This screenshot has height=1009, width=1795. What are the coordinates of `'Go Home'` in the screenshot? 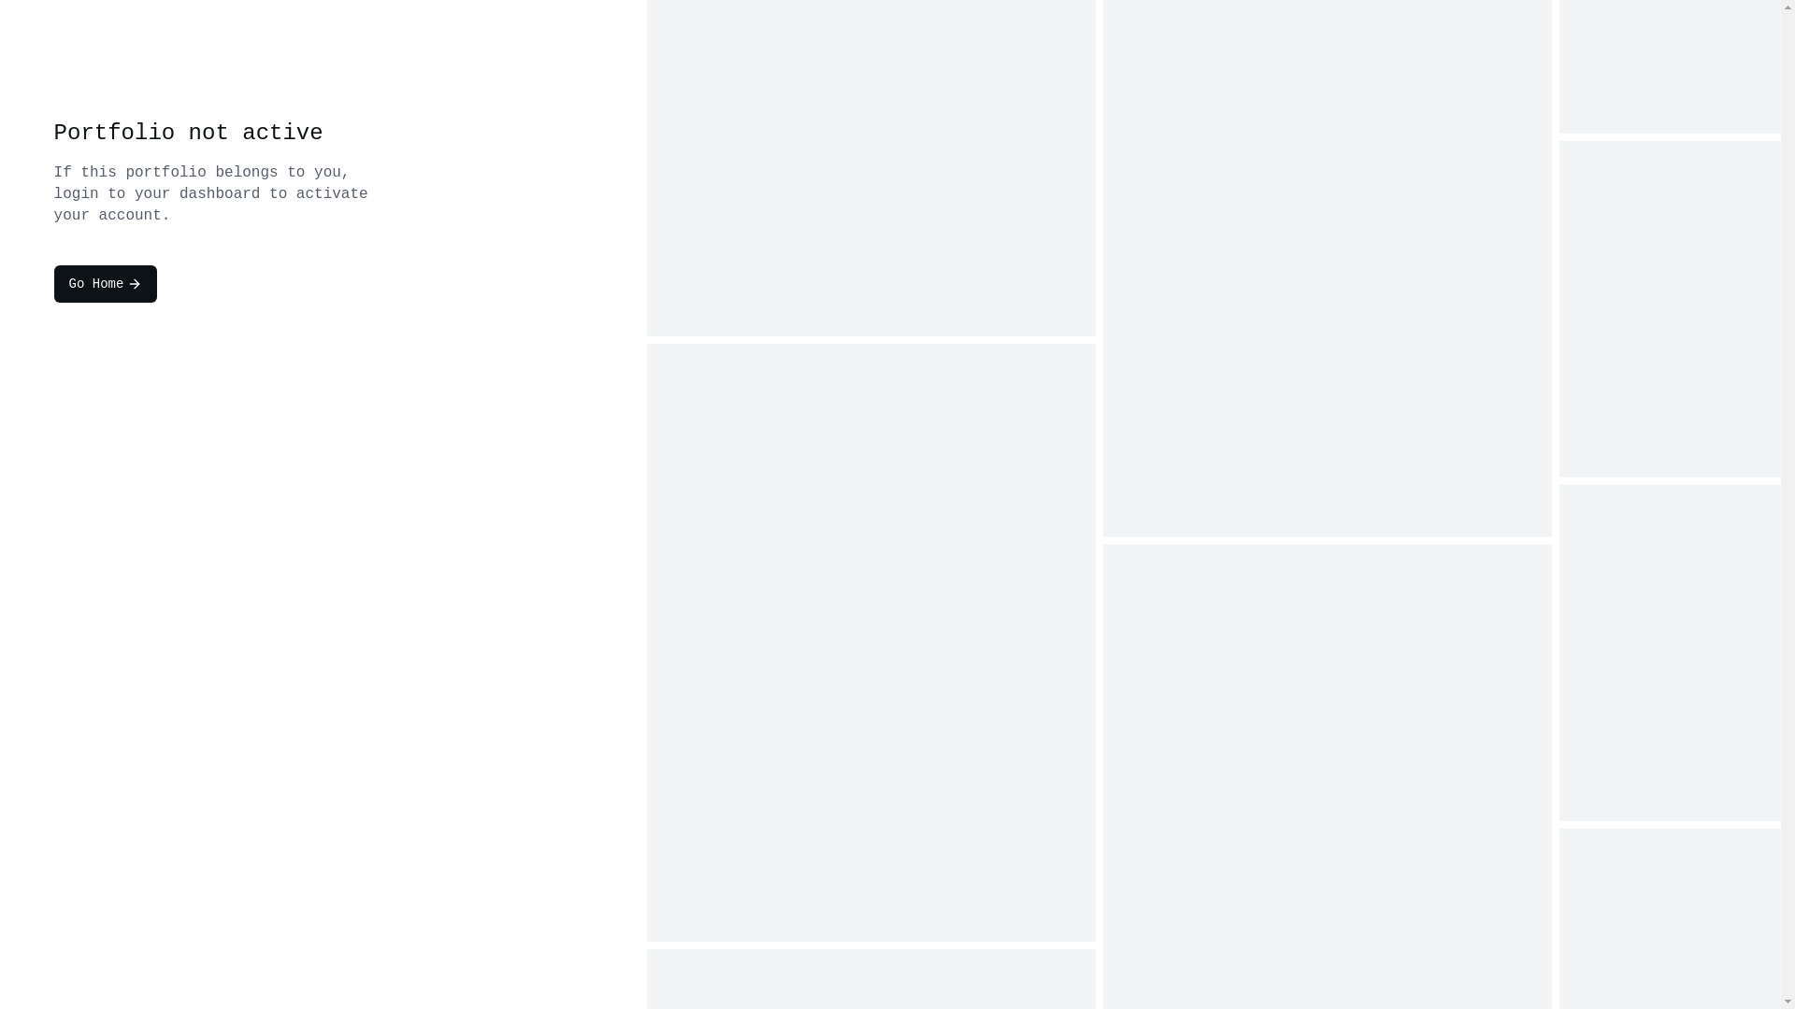 It's located at (105, 284).